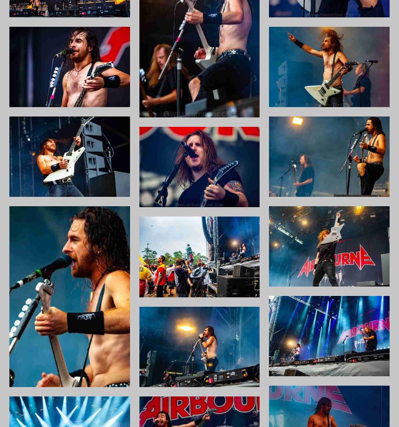  Describe the element at coordinates (316, 141) in the screenshot. I see `'January 2022'` at that location.